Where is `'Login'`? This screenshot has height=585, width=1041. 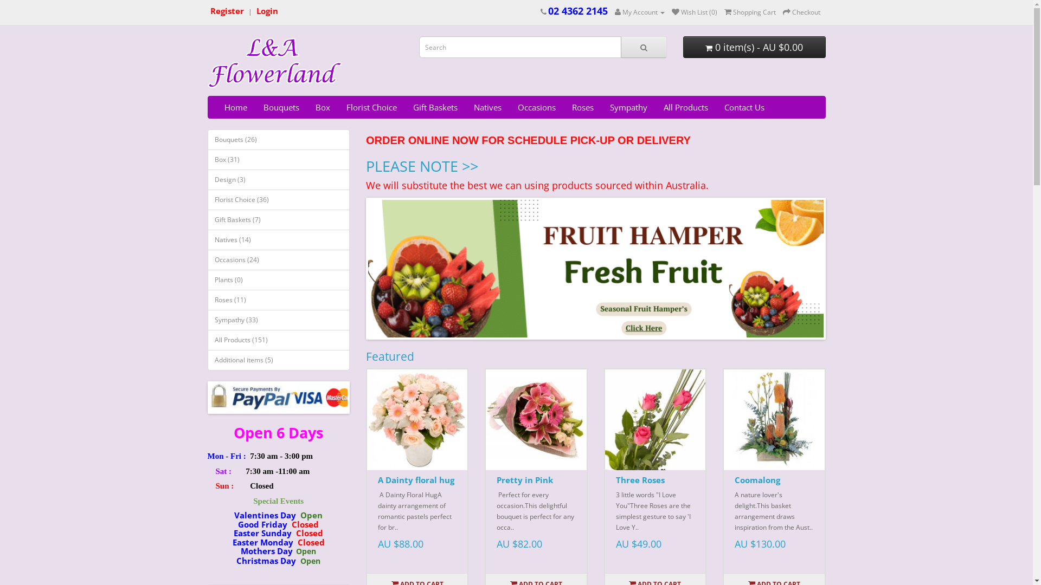 'Login' is located at coordinates (255, 11).